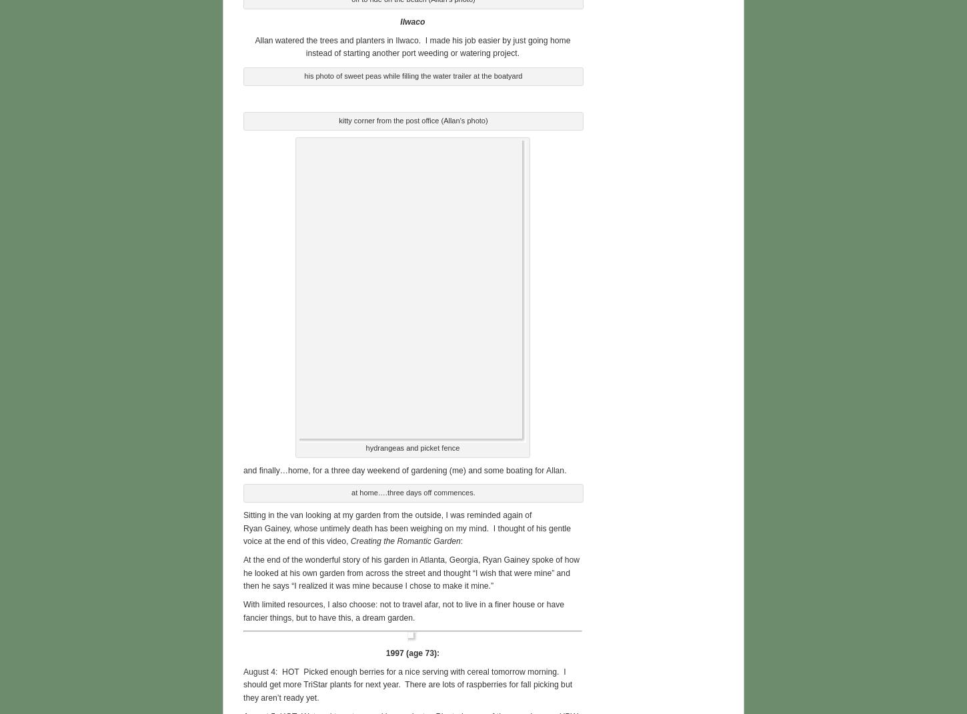 The image size is (967, 714). Describe the element at coordinates (411, 19) in the screenshot. I see `'Ilwaco'` at that location.